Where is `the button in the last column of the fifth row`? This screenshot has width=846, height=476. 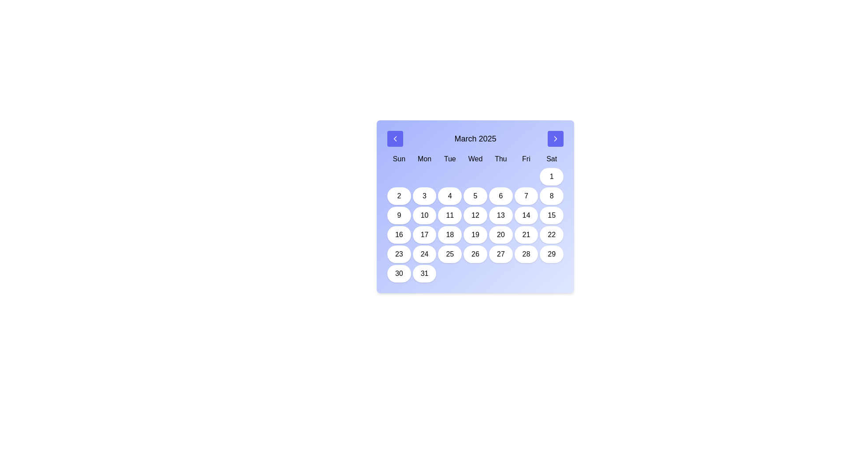 the button in the last column of the fifth row is located at coordinates (551, 254).